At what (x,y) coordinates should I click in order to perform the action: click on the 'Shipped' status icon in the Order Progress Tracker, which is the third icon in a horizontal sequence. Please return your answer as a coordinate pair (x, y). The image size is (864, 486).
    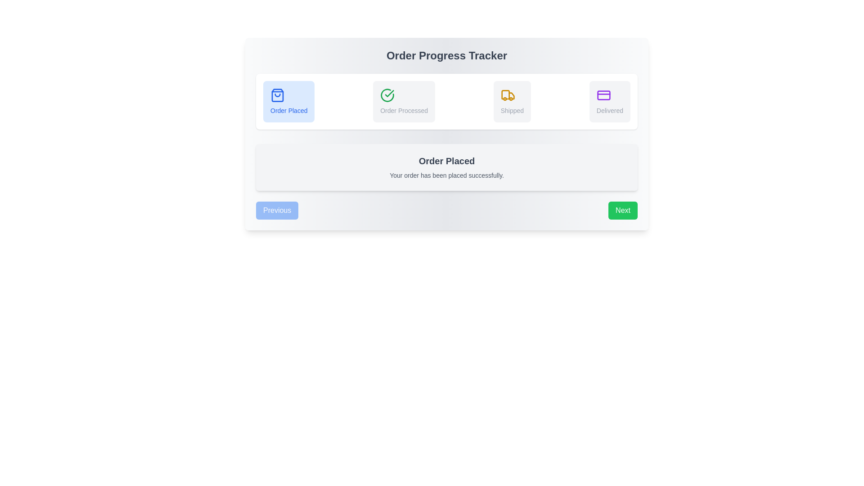
    Looking at the image, I should click on (511, 96).